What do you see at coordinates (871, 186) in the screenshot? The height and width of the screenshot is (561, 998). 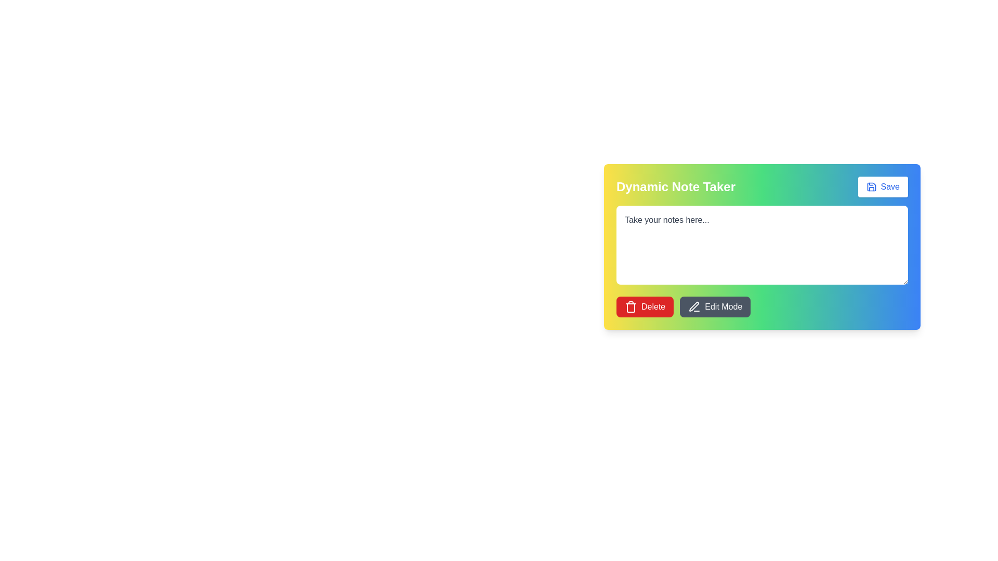 I see `the save icon located to the far left within the 'Save' button in the top-right corner of the Dynamic Note Taker interface` at bounding box center [871, 186].